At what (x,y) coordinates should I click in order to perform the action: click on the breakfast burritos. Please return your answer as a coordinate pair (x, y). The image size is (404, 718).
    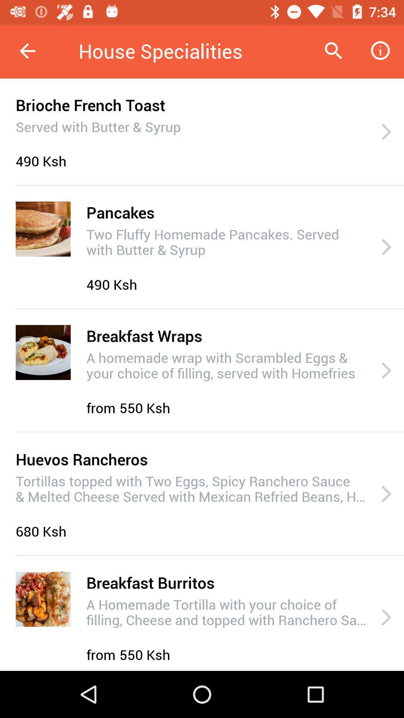
    Looking at the image, I should click on (150, 582).